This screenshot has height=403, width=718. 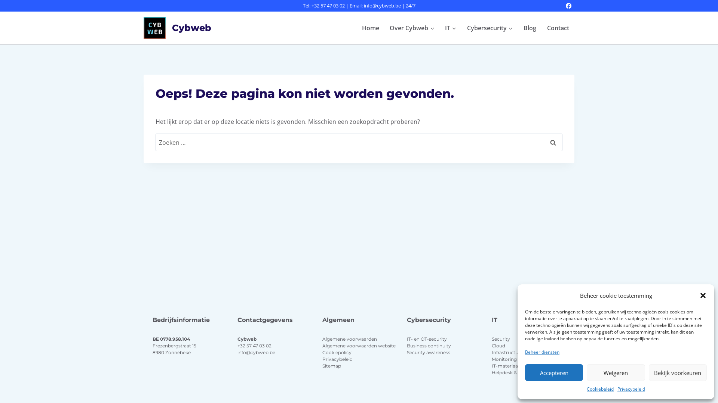 What do you see at coordinates (349, 339) in the screenshot?
I see `'Algemene voorwaarden'` at bounding box center [349, 339].